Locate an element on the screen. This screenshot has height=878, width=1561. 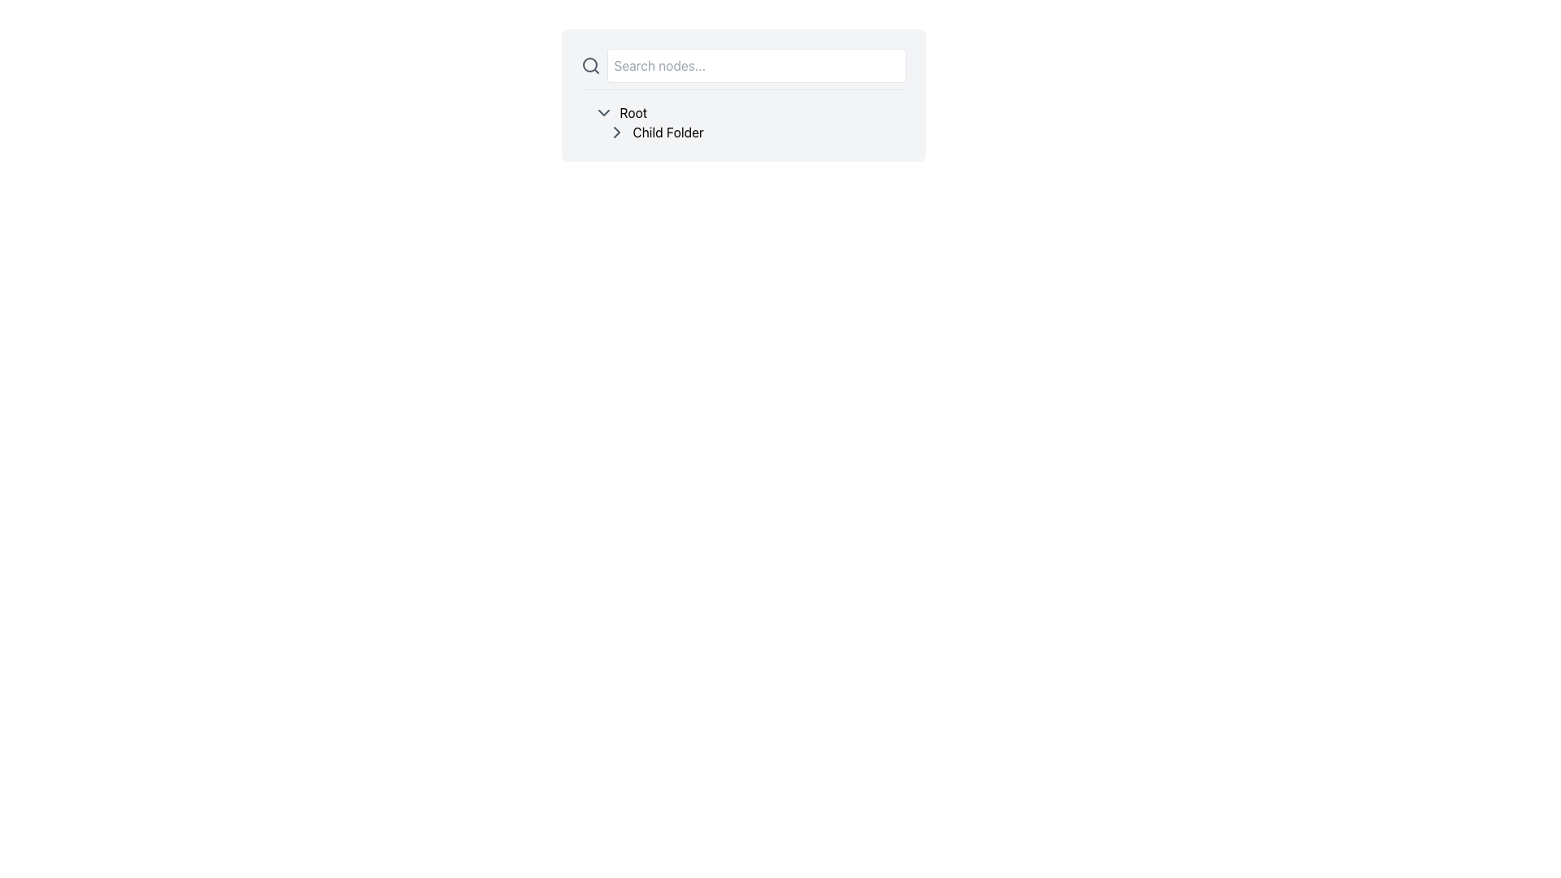
text content of the 'Root' label located in the hierarchical navigation menu, positioned next to the downward arrow icon is located at coordinates (633, 111).